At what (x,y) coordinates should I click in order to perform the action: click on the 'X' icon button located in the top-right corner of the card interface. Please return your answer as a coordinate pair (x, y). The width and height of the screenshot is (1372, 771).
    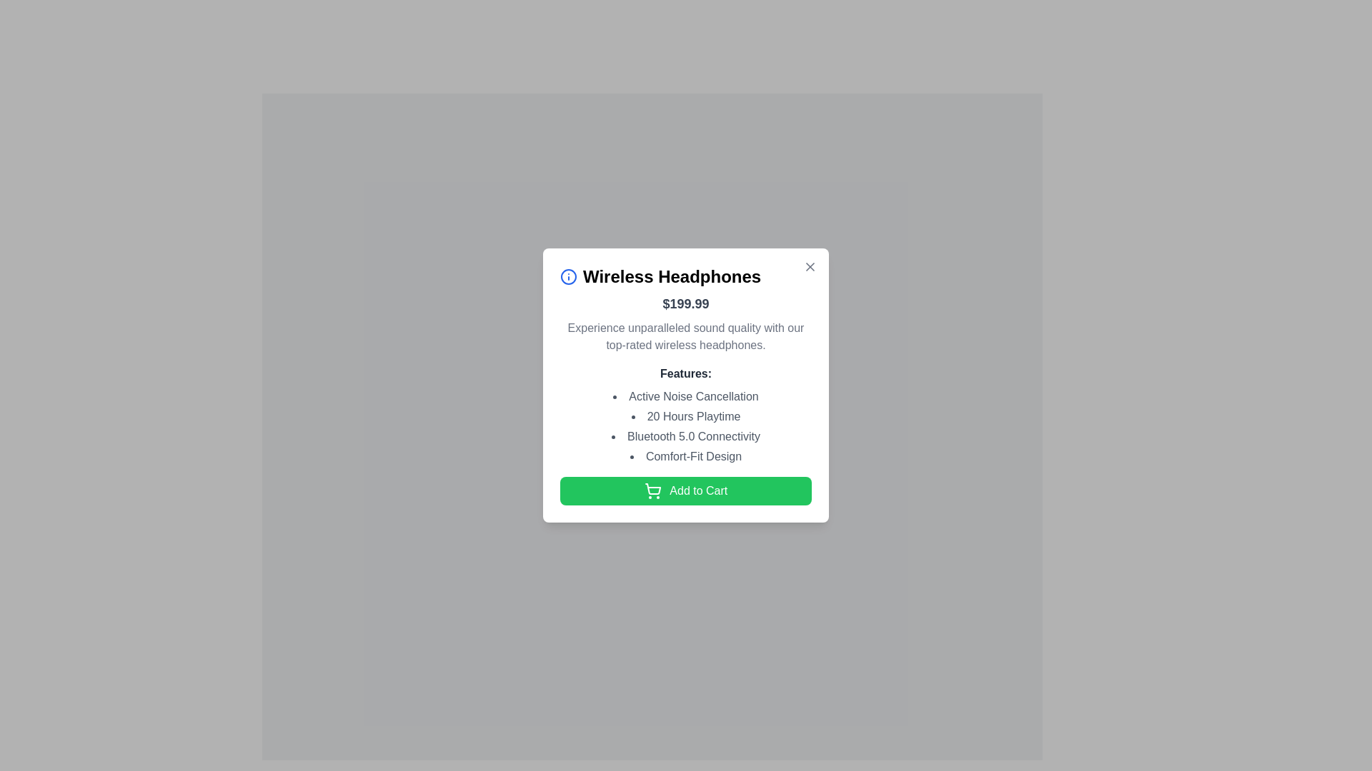
    Looking at the image, I should click on (810, 266).